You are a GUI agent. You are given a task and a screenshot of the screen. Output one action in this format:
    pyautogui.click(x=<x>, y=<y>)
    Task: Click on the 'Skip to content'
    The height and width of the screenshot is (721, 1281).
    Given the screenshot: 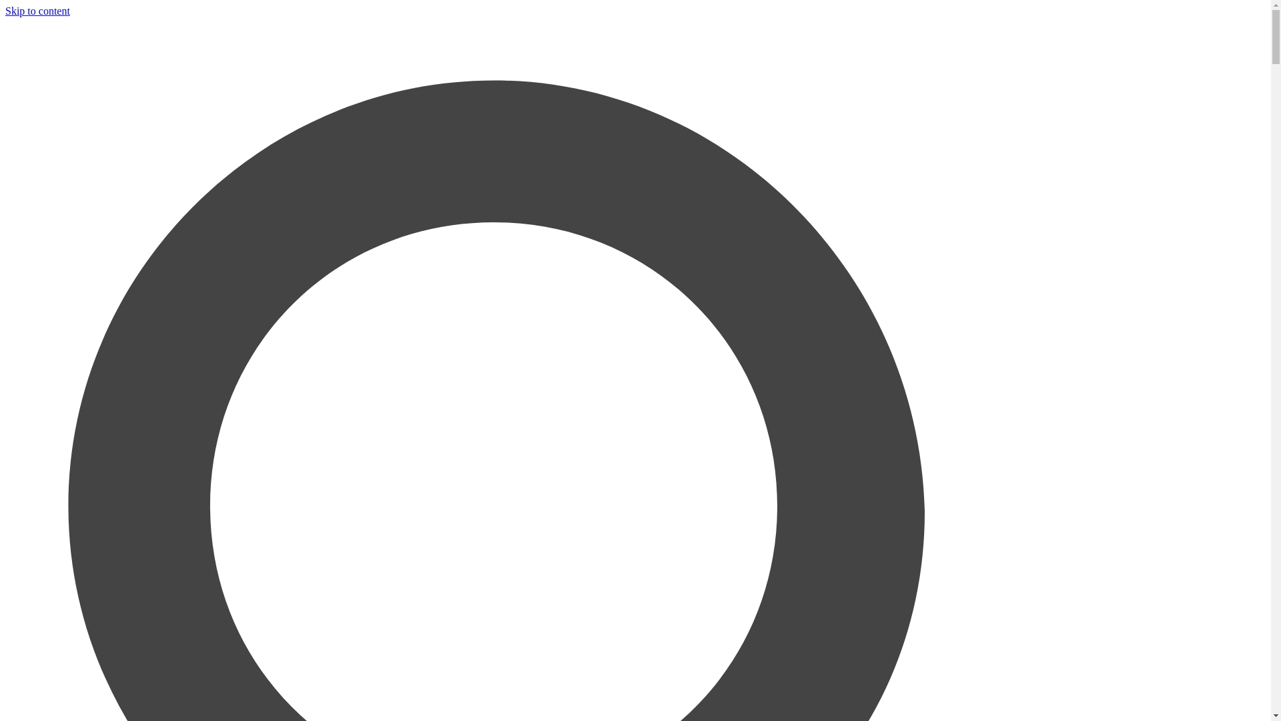 What is the action you would take?
    pyautogui.click(x=37, y=11)
    